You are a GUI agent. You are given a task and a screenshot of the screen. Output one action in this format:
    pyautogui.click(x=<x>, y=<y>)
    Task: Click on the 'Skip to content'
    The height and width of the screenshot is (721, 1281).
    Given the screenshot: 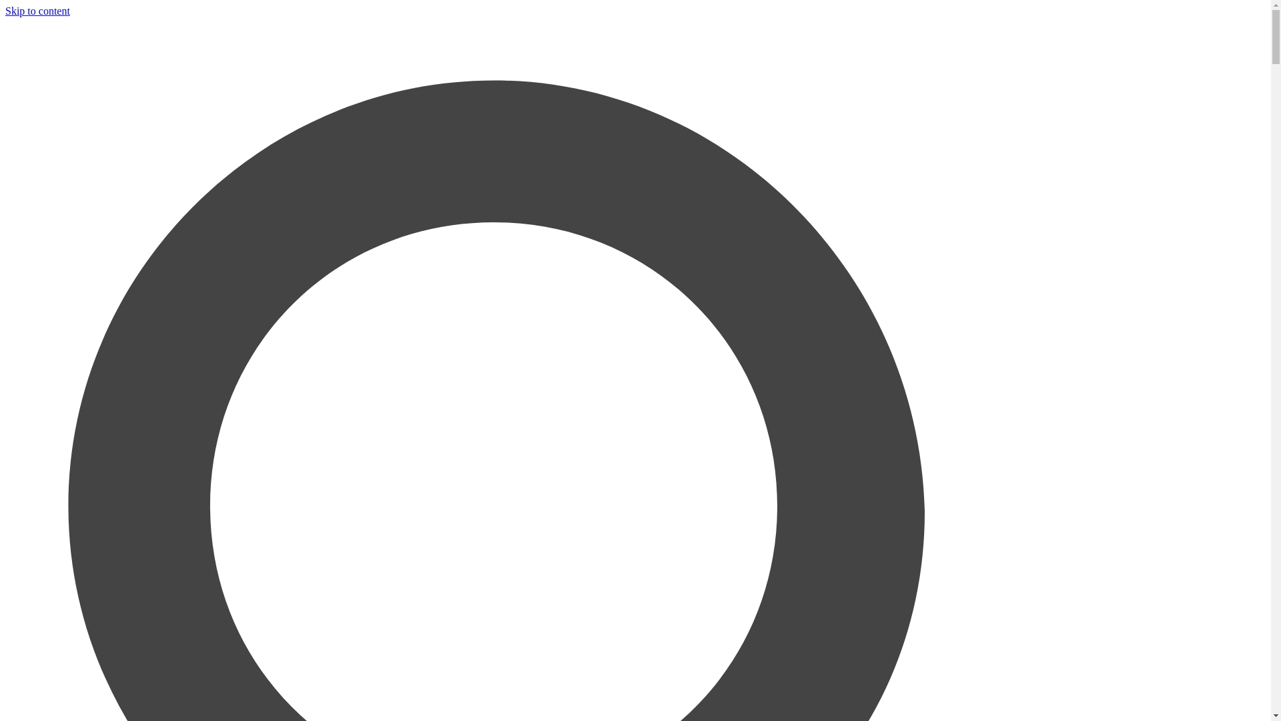 What is the action you would take?
    pyautogui.click(x=37, y=11)
    